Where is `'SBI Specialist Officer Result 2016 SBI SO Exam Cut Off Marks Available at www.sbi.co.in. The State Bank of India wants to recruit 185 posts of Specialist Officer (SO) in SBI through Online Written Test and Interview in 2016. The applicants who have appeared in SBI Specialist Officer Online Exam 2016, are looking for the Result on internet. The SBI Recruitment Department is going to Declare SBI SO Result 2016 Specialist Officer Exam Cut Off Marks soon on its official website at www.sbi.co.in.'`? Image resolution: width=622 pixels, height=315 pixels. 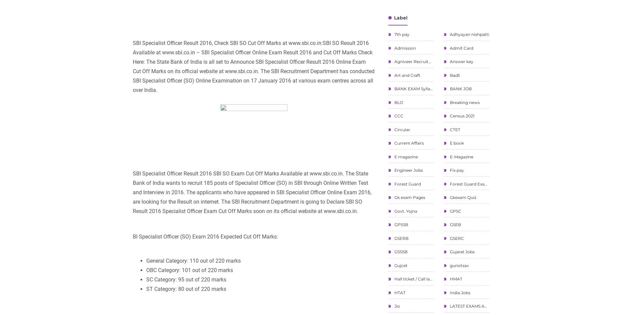
'SBI Specialist Officer Result 2016 SBI SO Exam Cut Off Marks Available at www.sbi.co.in. The State Bank of India wants to recruit 185 posts of Specialist Officer (SO) in SBI through Online Written Test and Interview in 2016. The applicants who have appeared in SBI Specialist Officer Online Exam 2016, are looking for the Result on internet. The SBI Recruitment Department is going to Declare SBI SO Result 2016 Specialist Officer Exam Cut Off Marks soon on its official website at www.sbi.co.in.' is located at coordinates (252, 192).